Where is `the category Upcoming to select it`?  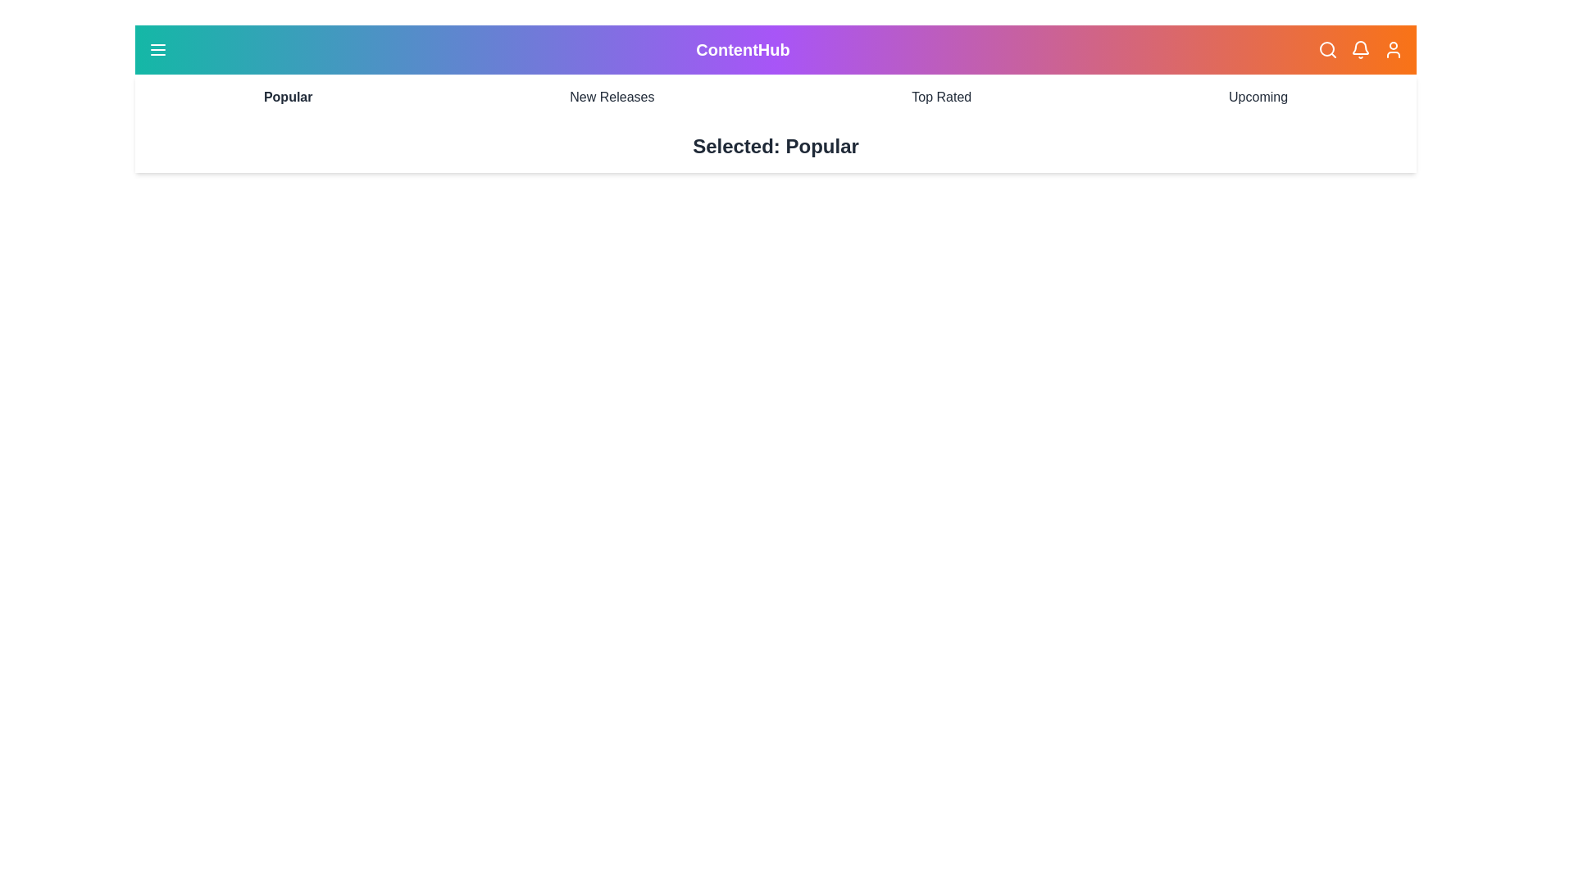 the category Upcoming to select it is located at coordinates (1258, 98).